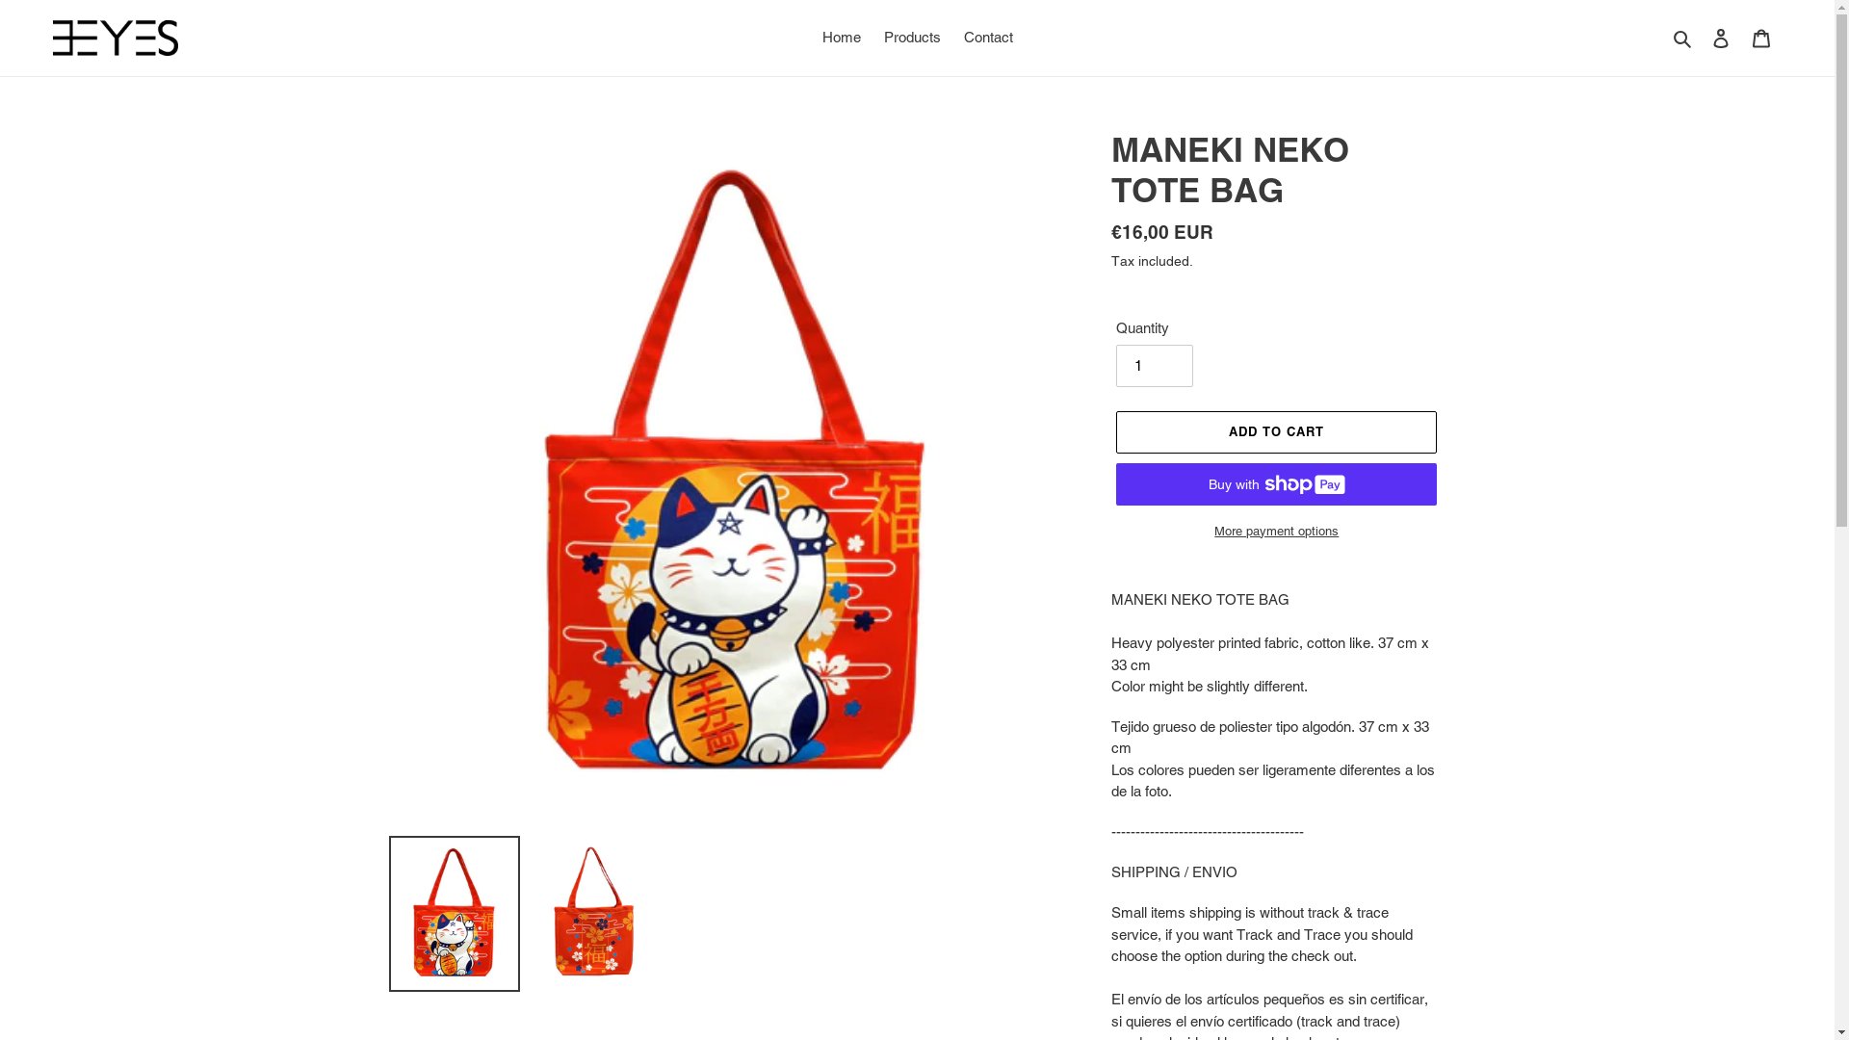 This screenshot has width=1849, height=1040. I want to click on 'Home', so click(841, 38).